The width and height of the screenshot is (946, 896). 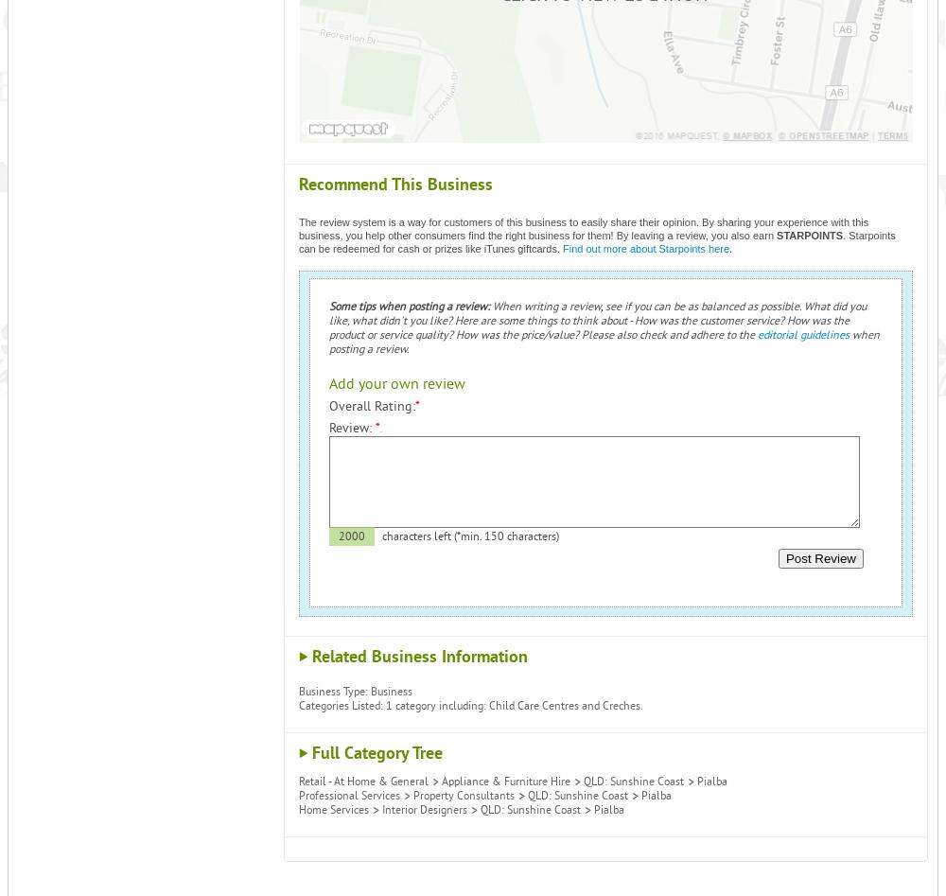 I want to click on 'Find out more about Starpoints here.', so click(x=647, y=248).